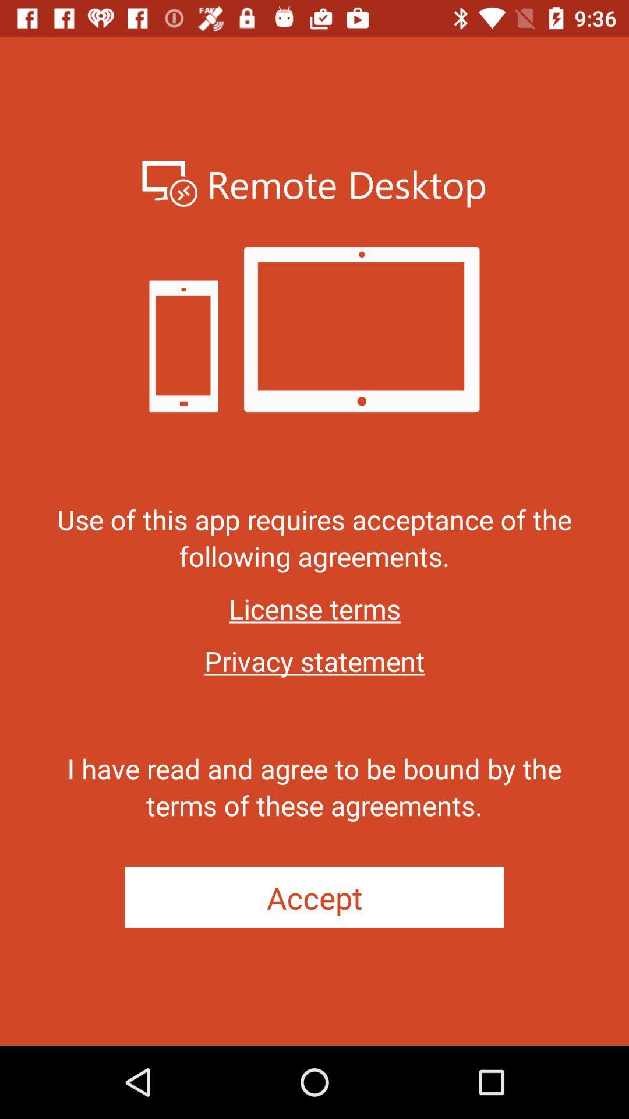  I want to click on the item below use of this icon, so click(314, 608).